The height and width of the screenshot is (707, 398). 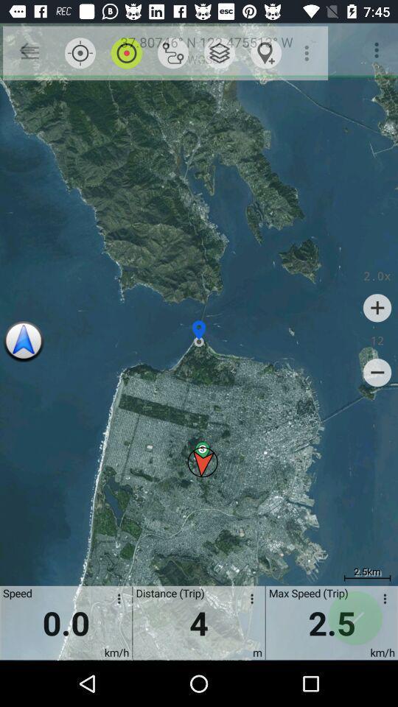 I want to click on speed option, so click(x=382, y=601).